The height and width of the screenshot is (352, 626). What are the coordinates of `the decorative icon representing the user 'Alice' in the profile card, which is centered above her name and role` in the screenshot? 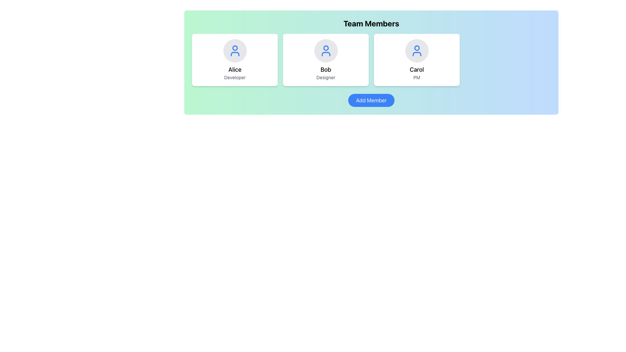 It's located at (235, 50).